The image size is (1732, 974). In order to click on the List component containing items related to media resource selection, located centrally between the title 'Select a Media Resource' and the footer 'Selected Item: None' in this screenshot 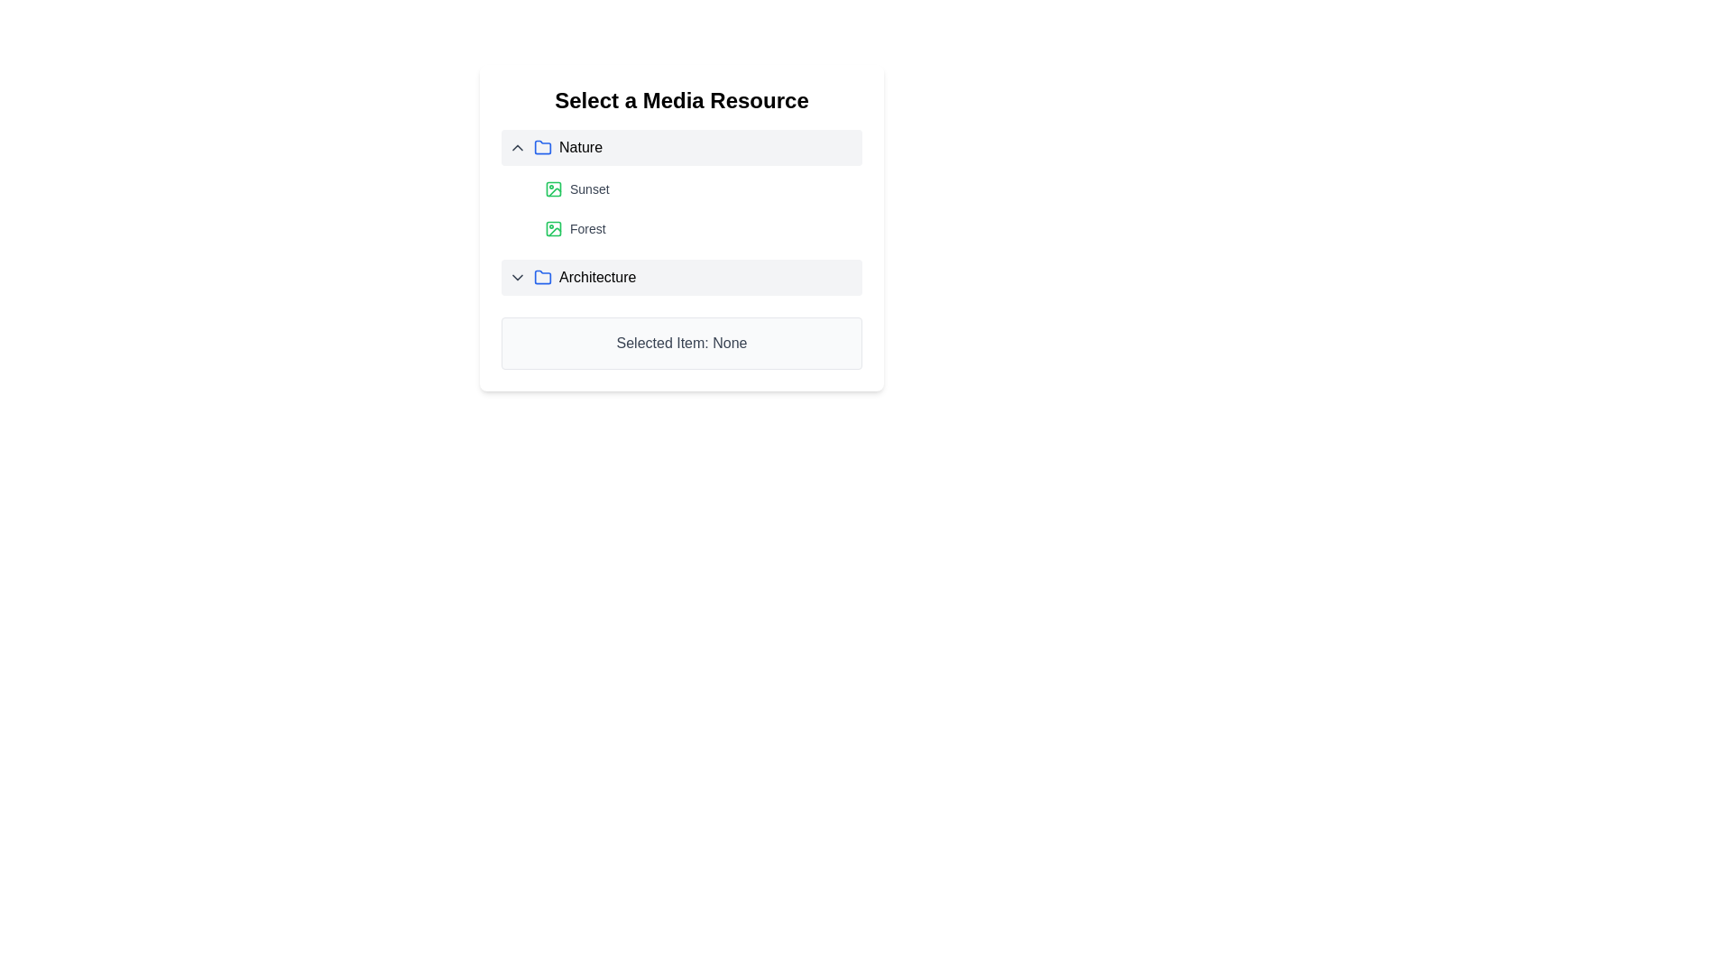, I will do `click(680, 211)`.